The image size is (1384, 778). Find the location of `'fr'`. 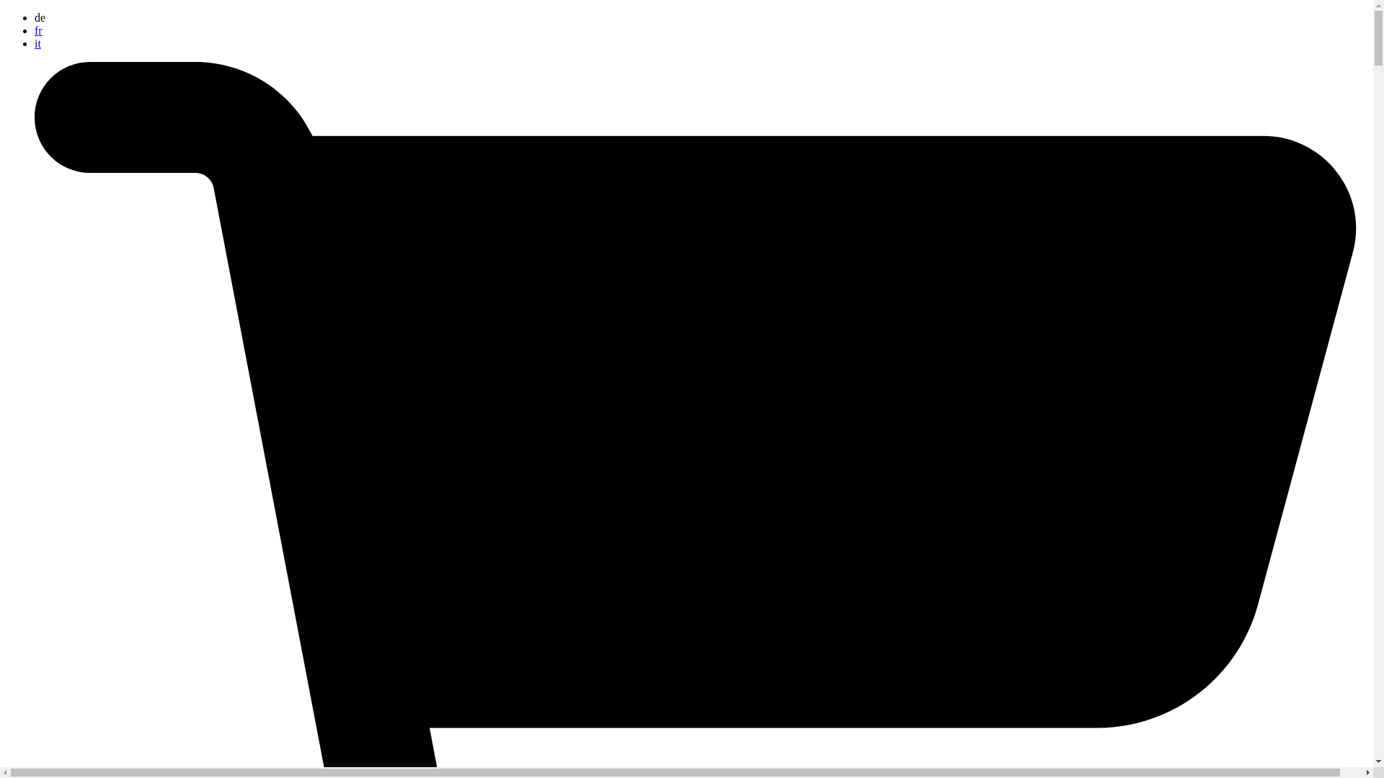

'fr' is located at coordinates (38, 30).